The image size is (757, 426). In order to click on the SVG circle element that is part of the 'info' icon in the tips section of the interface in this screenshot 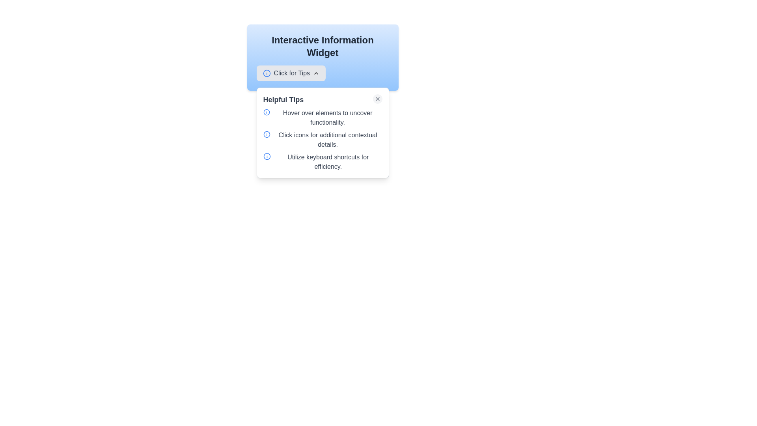, I will do `click(267, 112)`.